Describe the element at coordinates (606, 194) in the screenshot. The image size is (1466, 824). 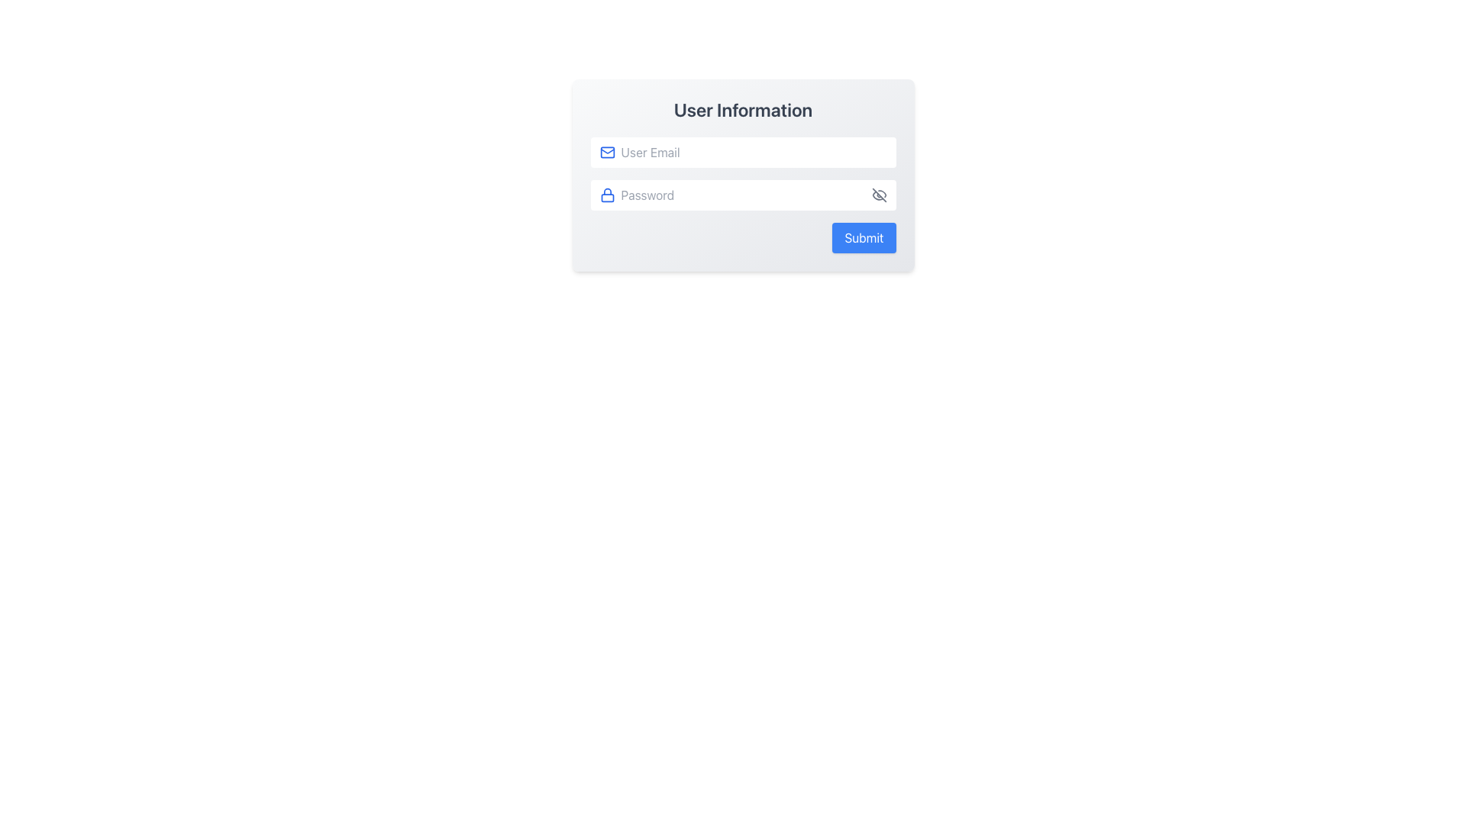
I see `the blue SVG lock icon located to the left of the 'Password' input field` at that location.